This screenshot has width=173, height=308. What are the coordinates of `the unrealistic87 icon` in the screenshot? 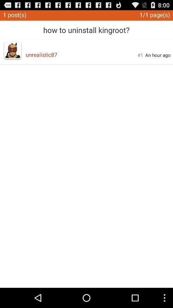 It's located at (81, 54).